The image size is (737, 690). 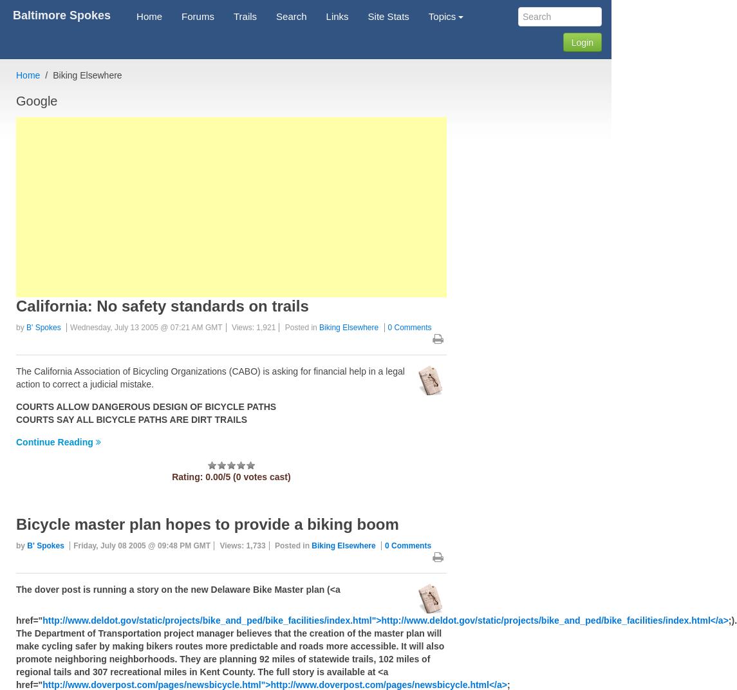 What do you see at coordinates (131, 419) in the screenshot?
I see `'COURTS SAY ALL BICYCLE PATHS ARE DIRT TRAILS'` at bounding box center [131, 419].